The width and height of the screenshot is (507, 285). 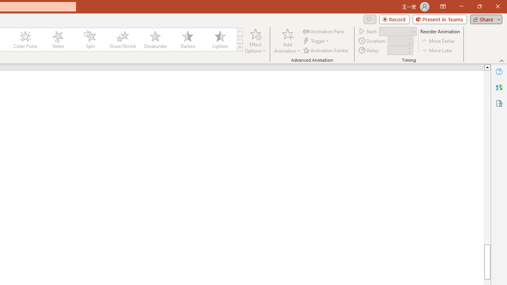 I want to click on 'Move Earlier', so click(x=438, y=41).